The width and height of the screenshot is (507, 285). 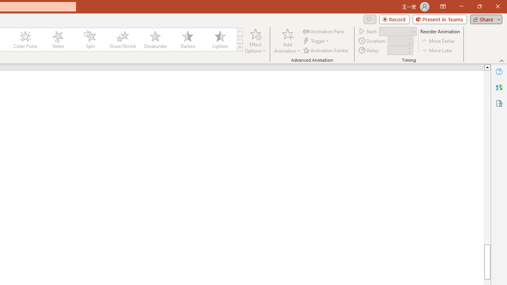 I want to click on 'Move Earlier', so click(x=438, y=41).